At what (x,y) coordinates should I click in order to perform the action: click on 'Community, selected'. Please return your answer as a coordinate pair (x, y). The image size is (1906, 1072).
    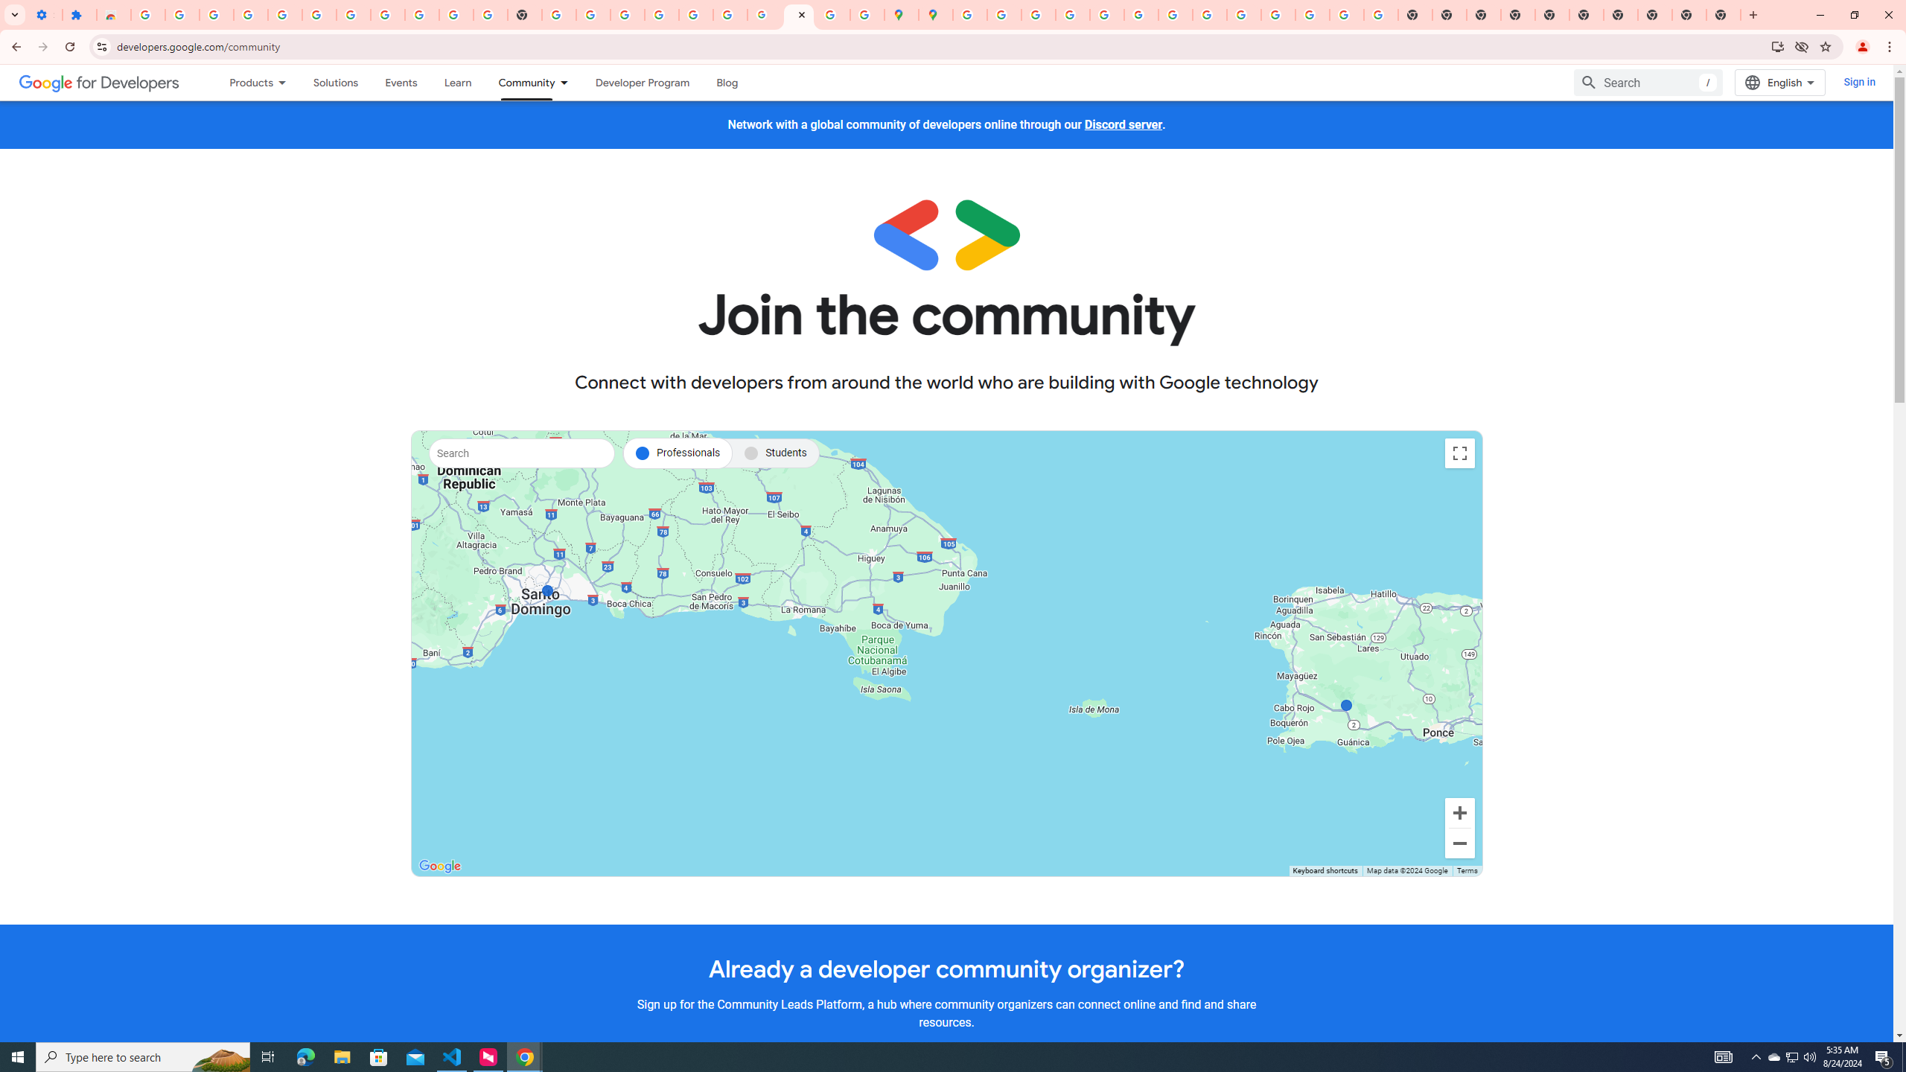
    Looking at the image, I should click on (519, 82).